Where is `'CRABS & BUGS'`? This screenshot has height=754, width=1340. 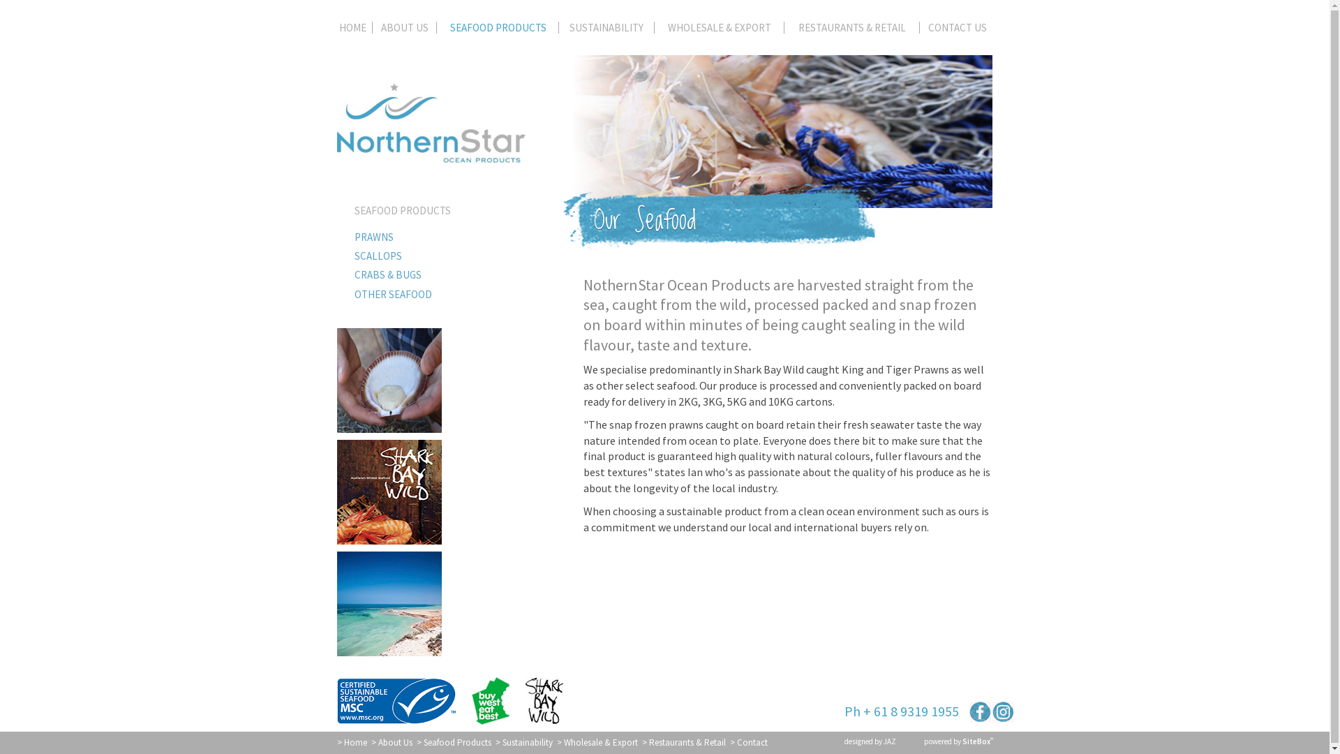
'CRABS & BUGS' is located at coordinates (438, 274).